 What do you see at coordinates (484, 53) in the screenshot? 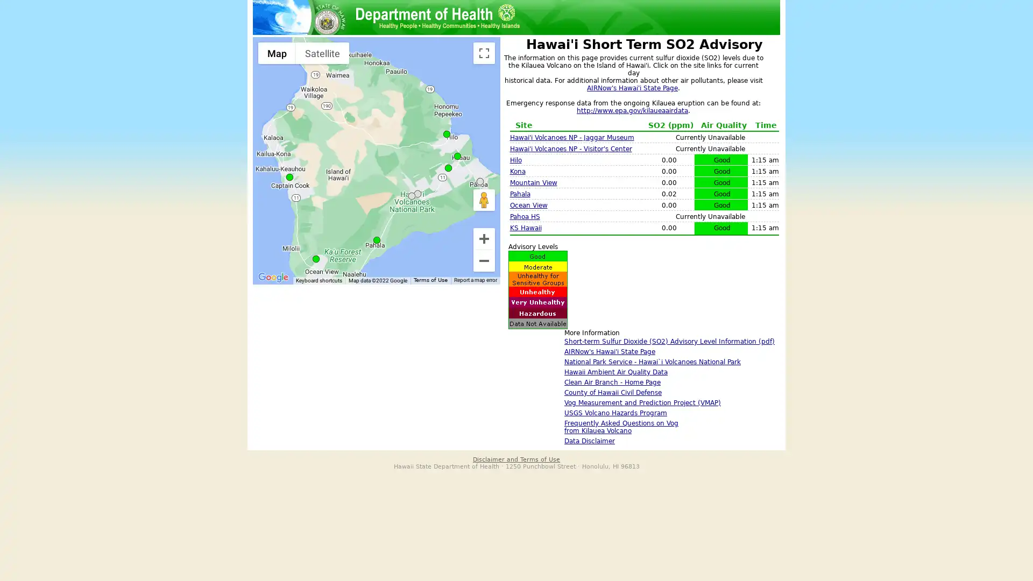
I see `Toggle fullscreen view` at bounding box center [484, 53].